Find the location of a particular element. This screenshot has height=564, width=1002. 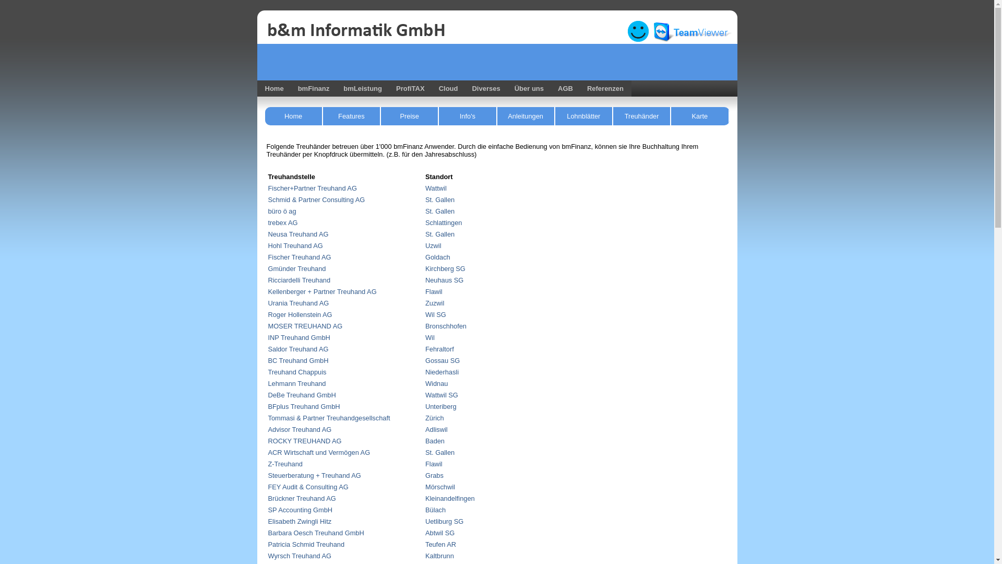

'Fischer+Partner Treuhand AG' is located at coordinates (312, 188).